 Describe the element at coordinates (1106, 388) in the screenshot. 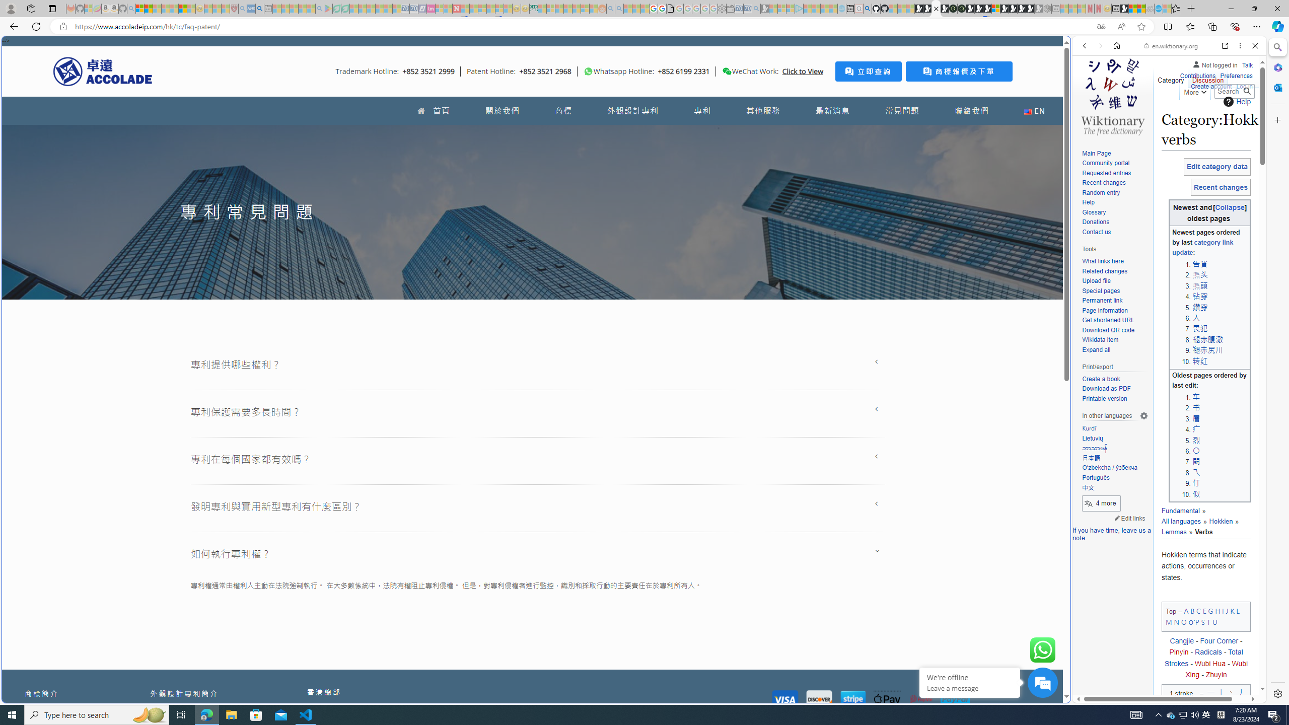

I see `'Download as PDF'` at that location.